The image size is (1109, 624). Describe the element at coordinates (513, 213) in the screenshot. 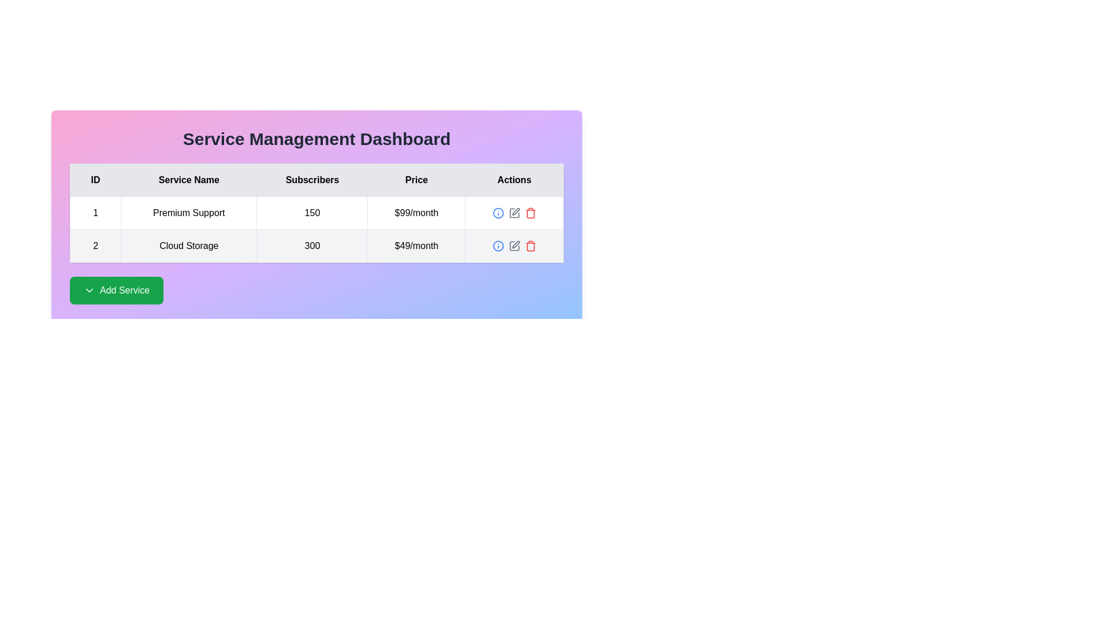

I see `the gray pencil icon button located in the second position of the 'Actions' column for the first entry titled 'Premium Support'` at that location.